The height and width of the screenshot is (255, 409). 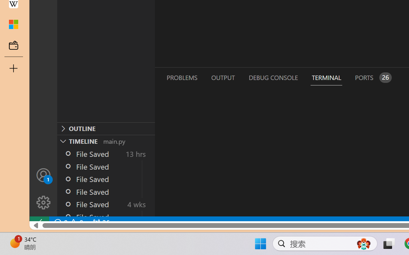 What do you see at coordinates (372, 77) in the screenshot?
I see `'Ports - 26 forwarded ports'` at bounding box center [372, 77].